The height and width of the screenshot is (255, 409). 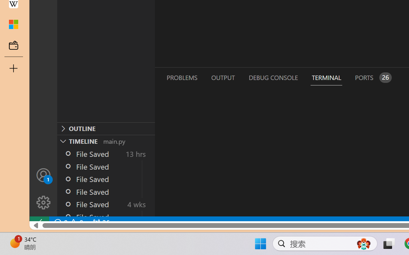 What do you see at coordinates (372, 77) in the screenshot?
I see `'Ports - 26 forwarded ports'` at bounding box center [372, 77].